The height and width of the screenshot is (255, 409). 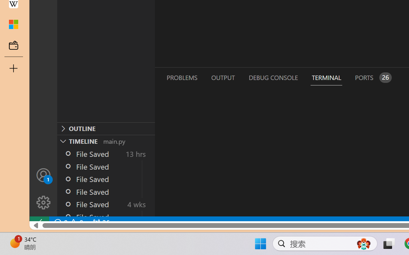 What do you see at coordinates (372, 77) in the screenshot?
I see `'Ports - 26 forwarded ports'` at bounding box center [372, 77].